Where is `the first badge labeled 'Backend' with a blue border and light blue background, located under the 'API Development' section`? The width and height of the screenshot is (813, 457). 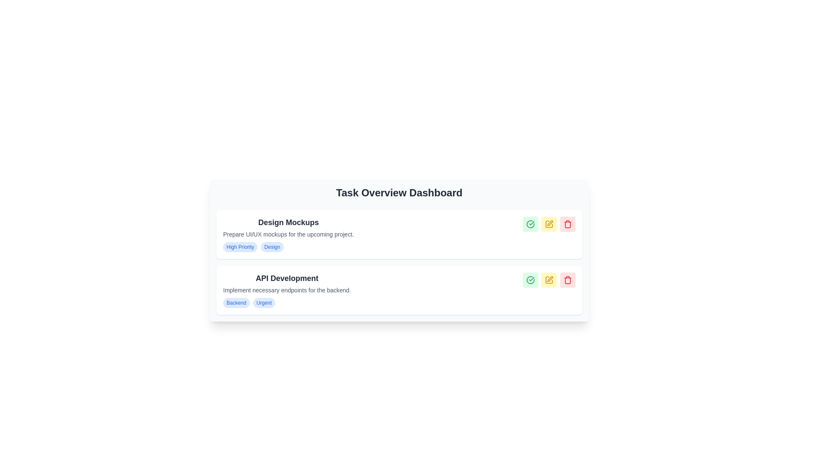 the first badge labeled 'Backend' with a blue border and light blue background, located under the 'API Development' section is located at coordinates (236, 303).